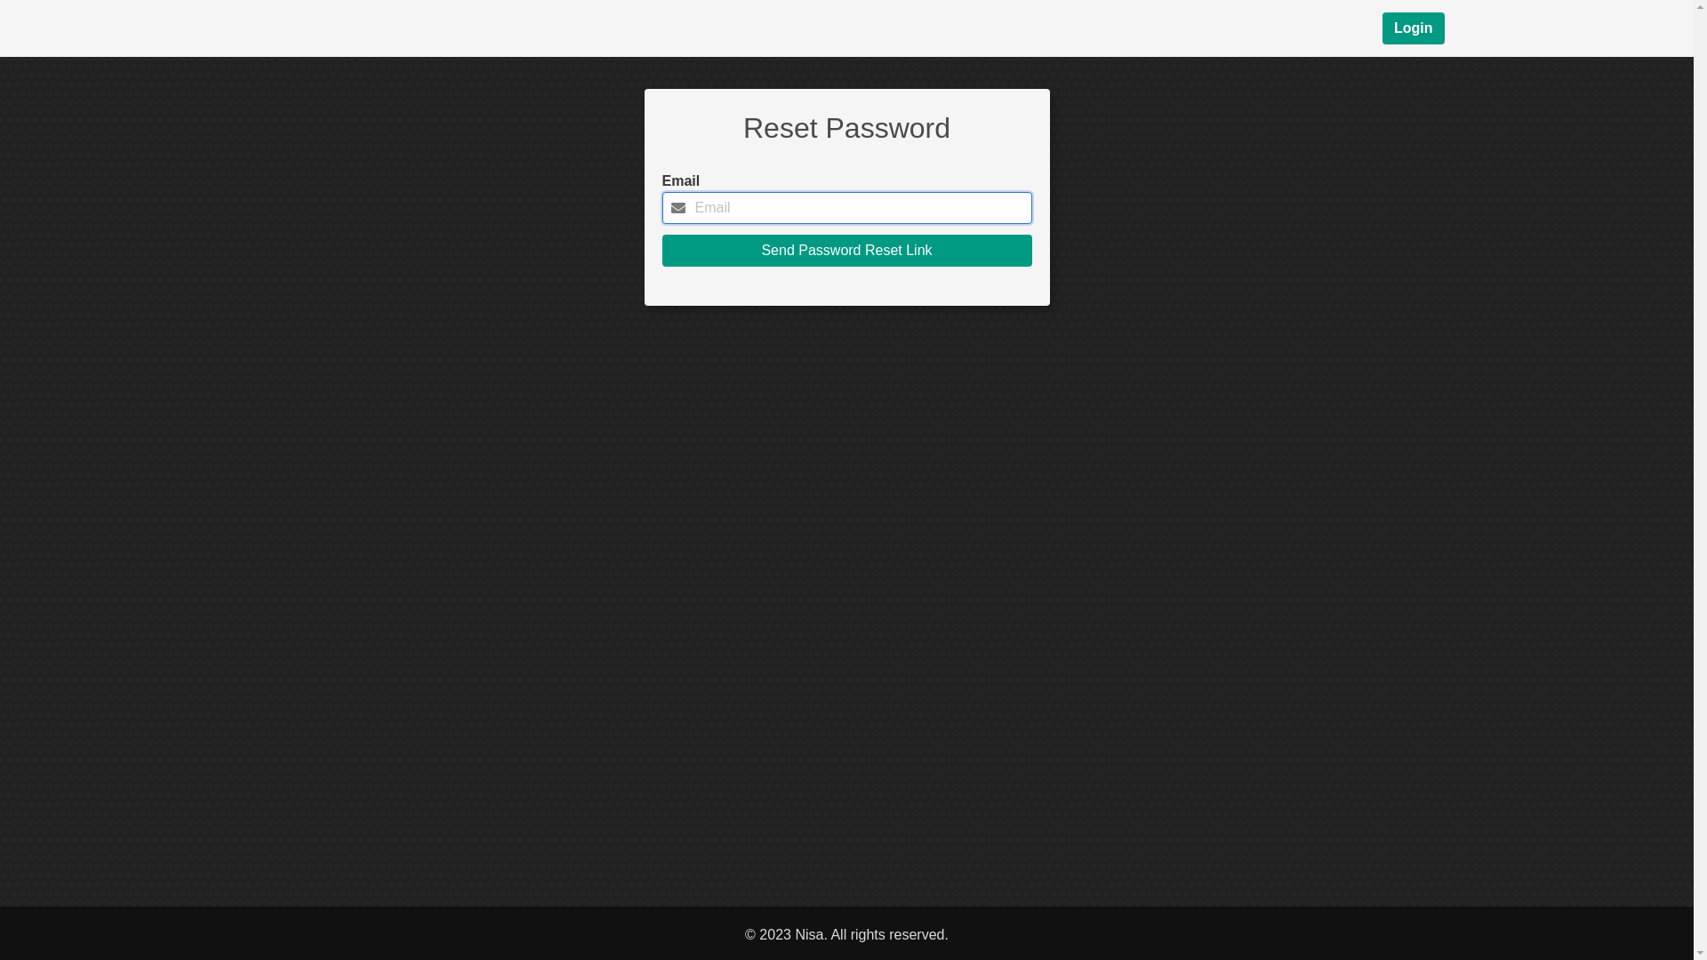  I want to click on 'Send Password Reset Link', so click(845, 250).